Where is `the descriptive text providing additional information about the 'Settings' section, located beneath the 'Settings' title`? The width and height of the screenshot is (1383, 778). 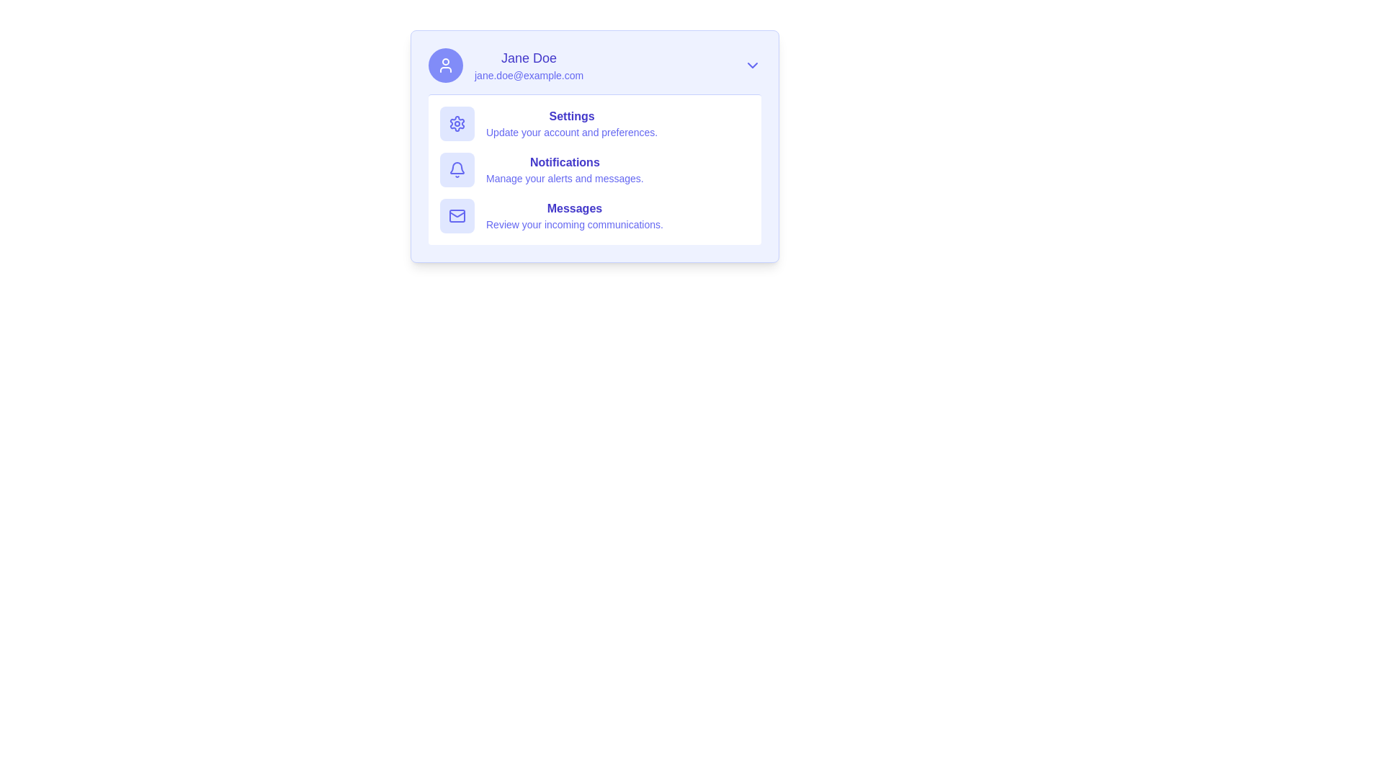
the descriptive text providing additional information about the 'Settings' section, located beneath the 'Settings' title is located at coordinates (571, 133).